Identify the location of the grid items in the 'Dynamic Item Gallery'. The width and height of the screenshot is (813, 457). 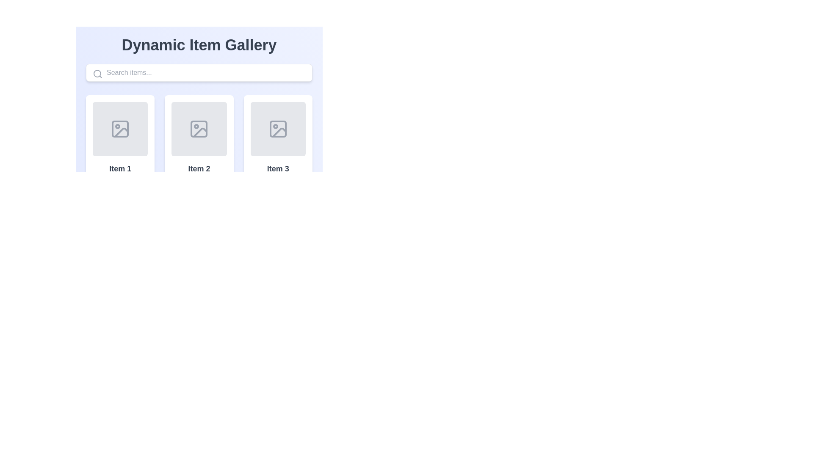
(199, 94).